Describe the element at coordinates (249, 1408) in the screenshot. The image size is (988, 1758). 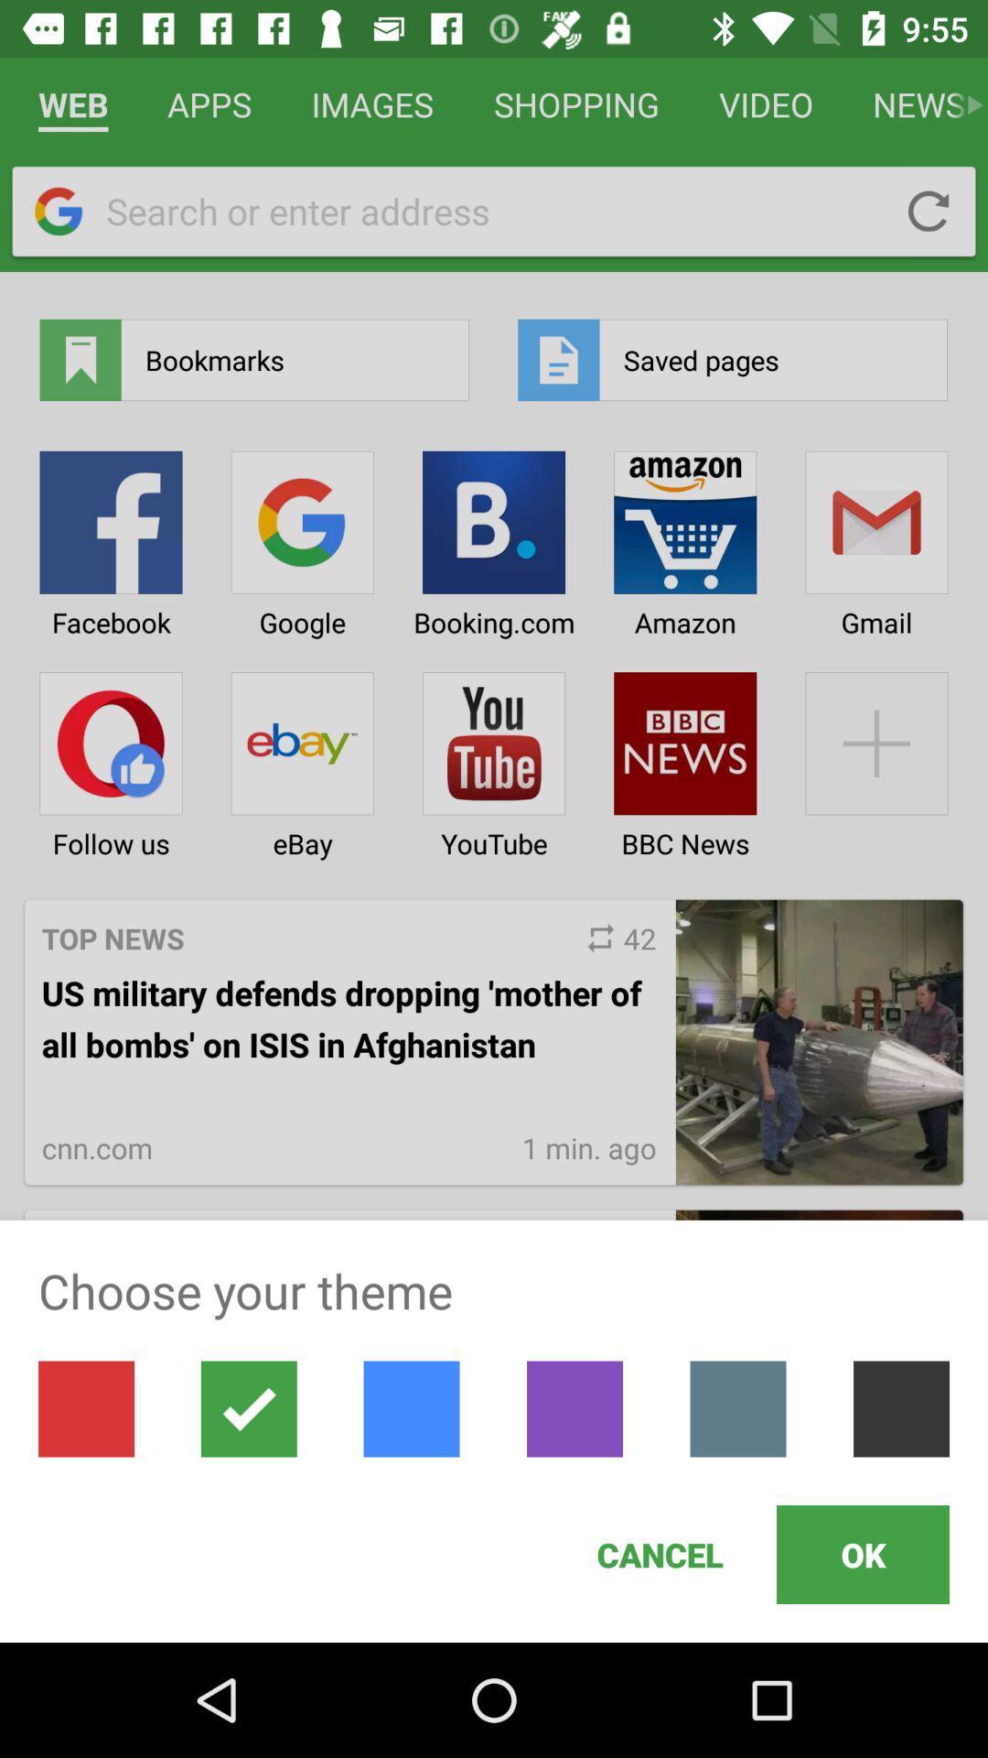
I see `the check icon` at that location.